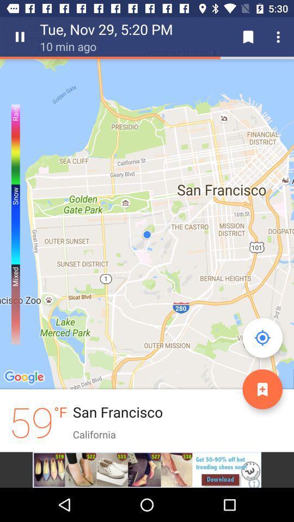 Image resolution: width=294 pixels, height=522 pixels. Describe the element at coordinates (262, 337) in the screenshot. I see `the second button from bottom` at that location.